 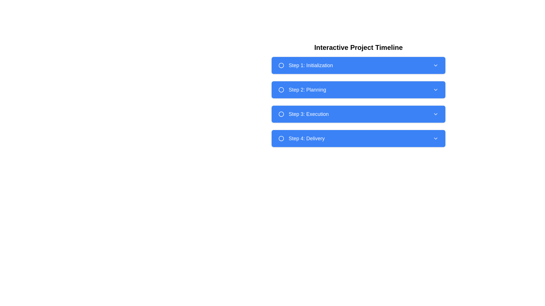 I want to click on the circular icon indicating the completion or selection status of 'Step 4: Delivery', which is positioned to the left of the text, so click(x=281, y=139).